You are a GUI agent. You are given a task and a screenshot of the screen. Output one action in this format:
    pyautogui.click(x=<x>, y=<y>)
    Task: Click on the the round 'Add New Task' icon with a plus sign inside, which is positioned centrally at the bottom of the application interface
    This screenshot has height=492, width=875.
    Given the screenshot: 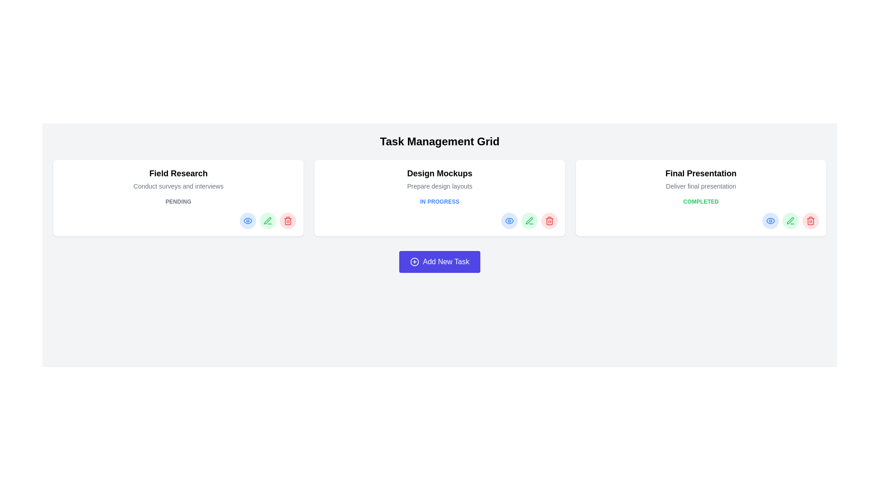 What is the action you would take?
    pyautogui.click(x=414, y=261)
    